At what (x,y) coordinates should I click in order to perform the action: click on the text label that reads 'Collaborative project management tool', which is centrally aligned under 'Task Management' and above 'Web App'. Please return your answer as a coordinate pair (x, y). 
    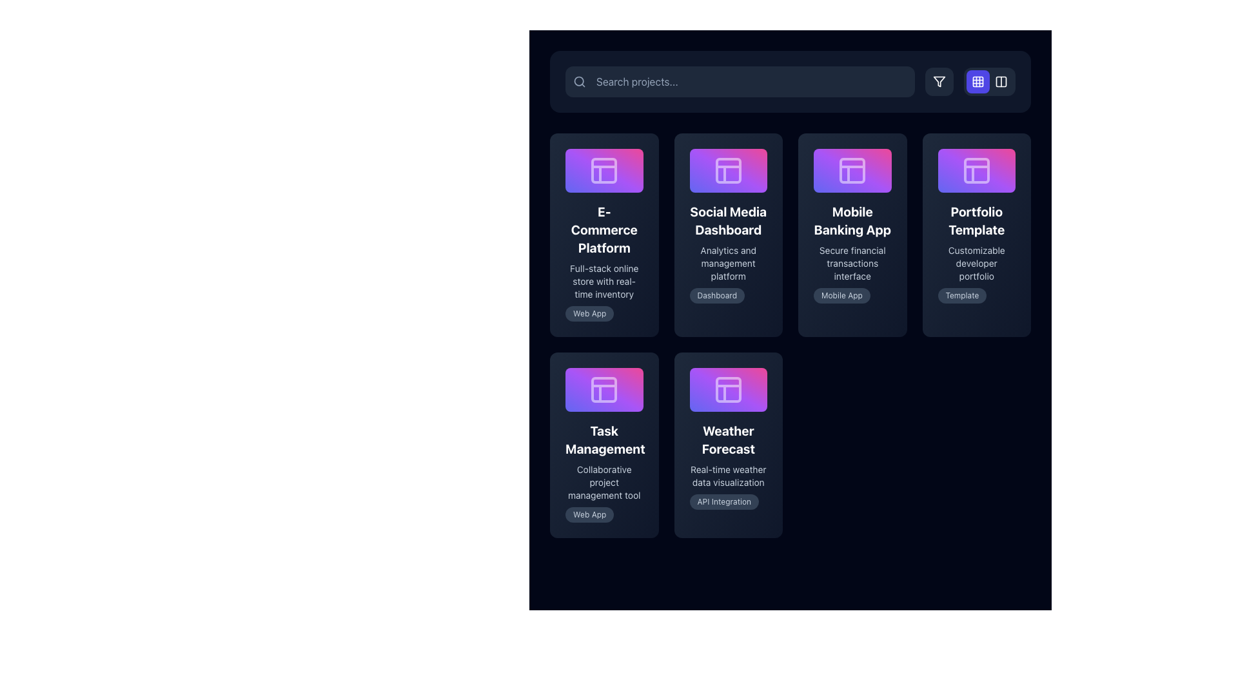
    Looking at the image, I should click on (604, 482).